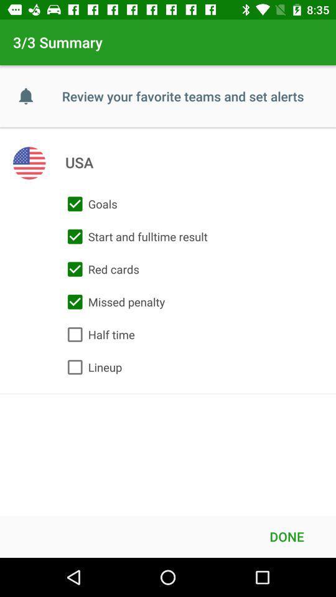 The image size is (336, 597). What do you see at coordinates (91, 367) in the screenshot?
I see `the lineup` at bounding box center [91, 367].